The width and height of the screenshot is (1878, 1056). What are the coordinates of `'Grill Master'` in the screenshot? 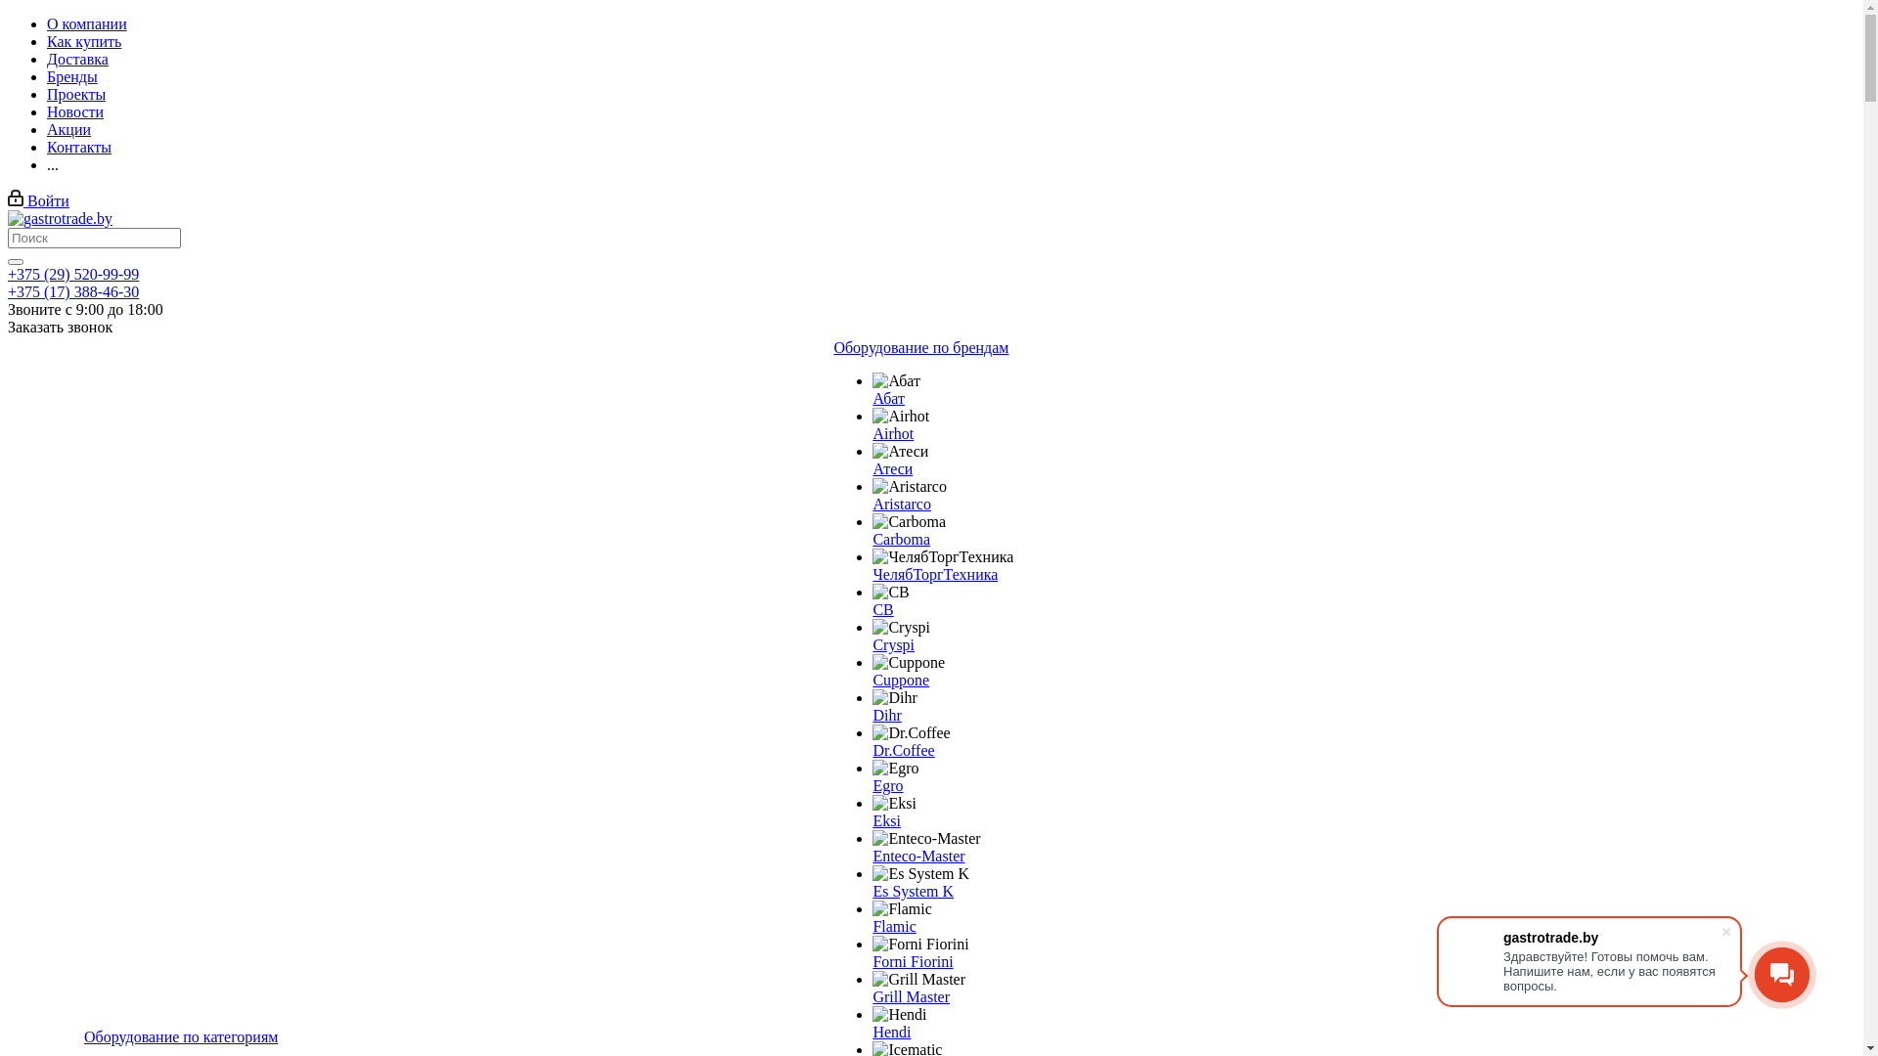 It's located at (910, 996).